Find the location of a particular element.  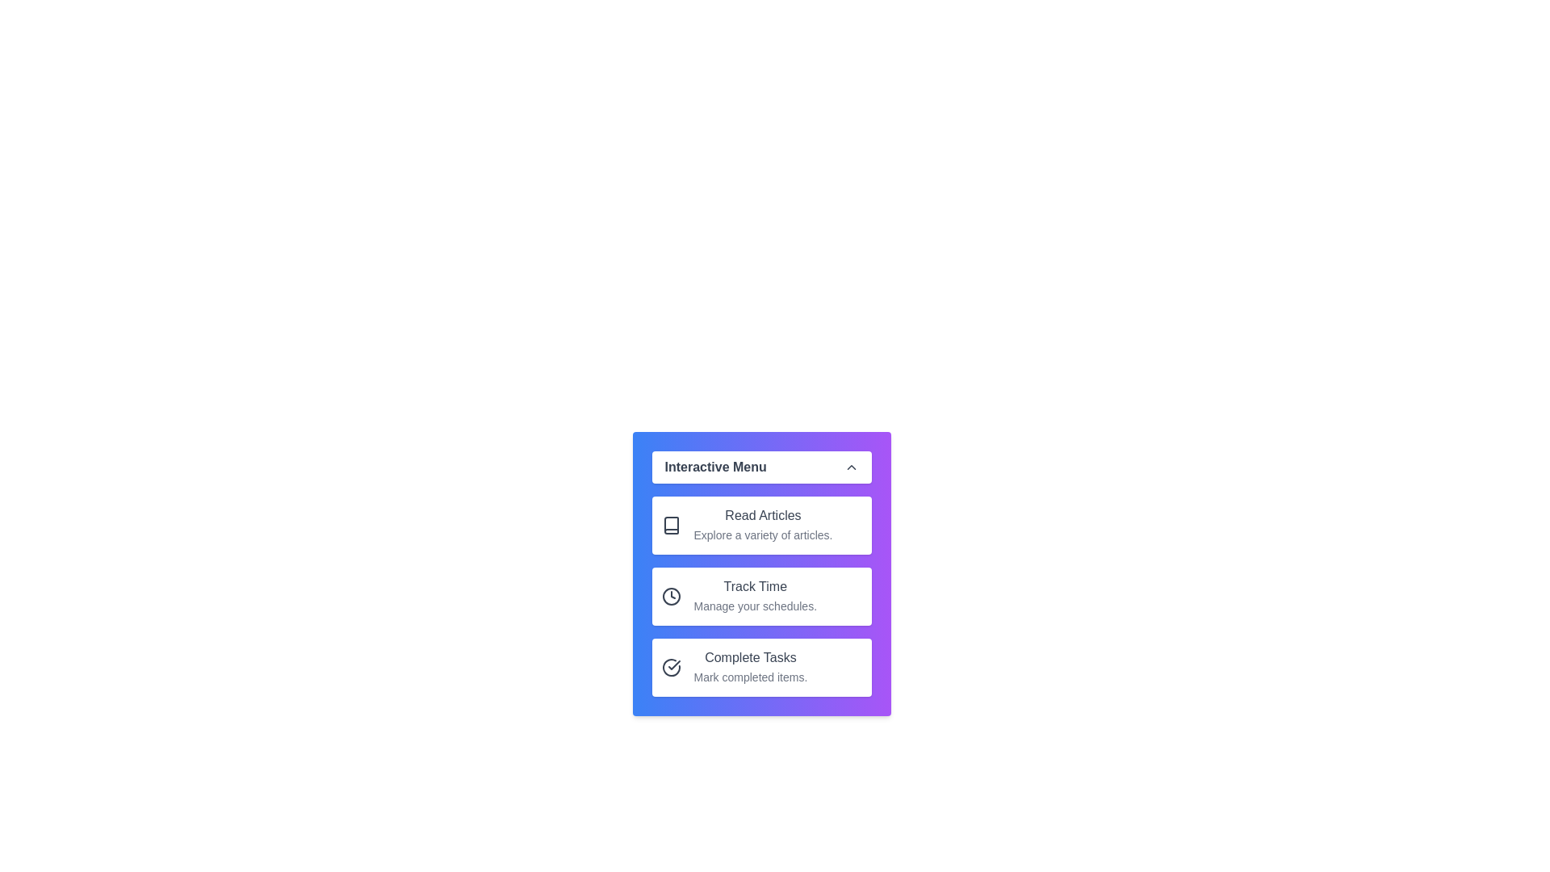

the menu item labeled 'Track Time' to observe the hover effect is located at coordinates (760, 597).